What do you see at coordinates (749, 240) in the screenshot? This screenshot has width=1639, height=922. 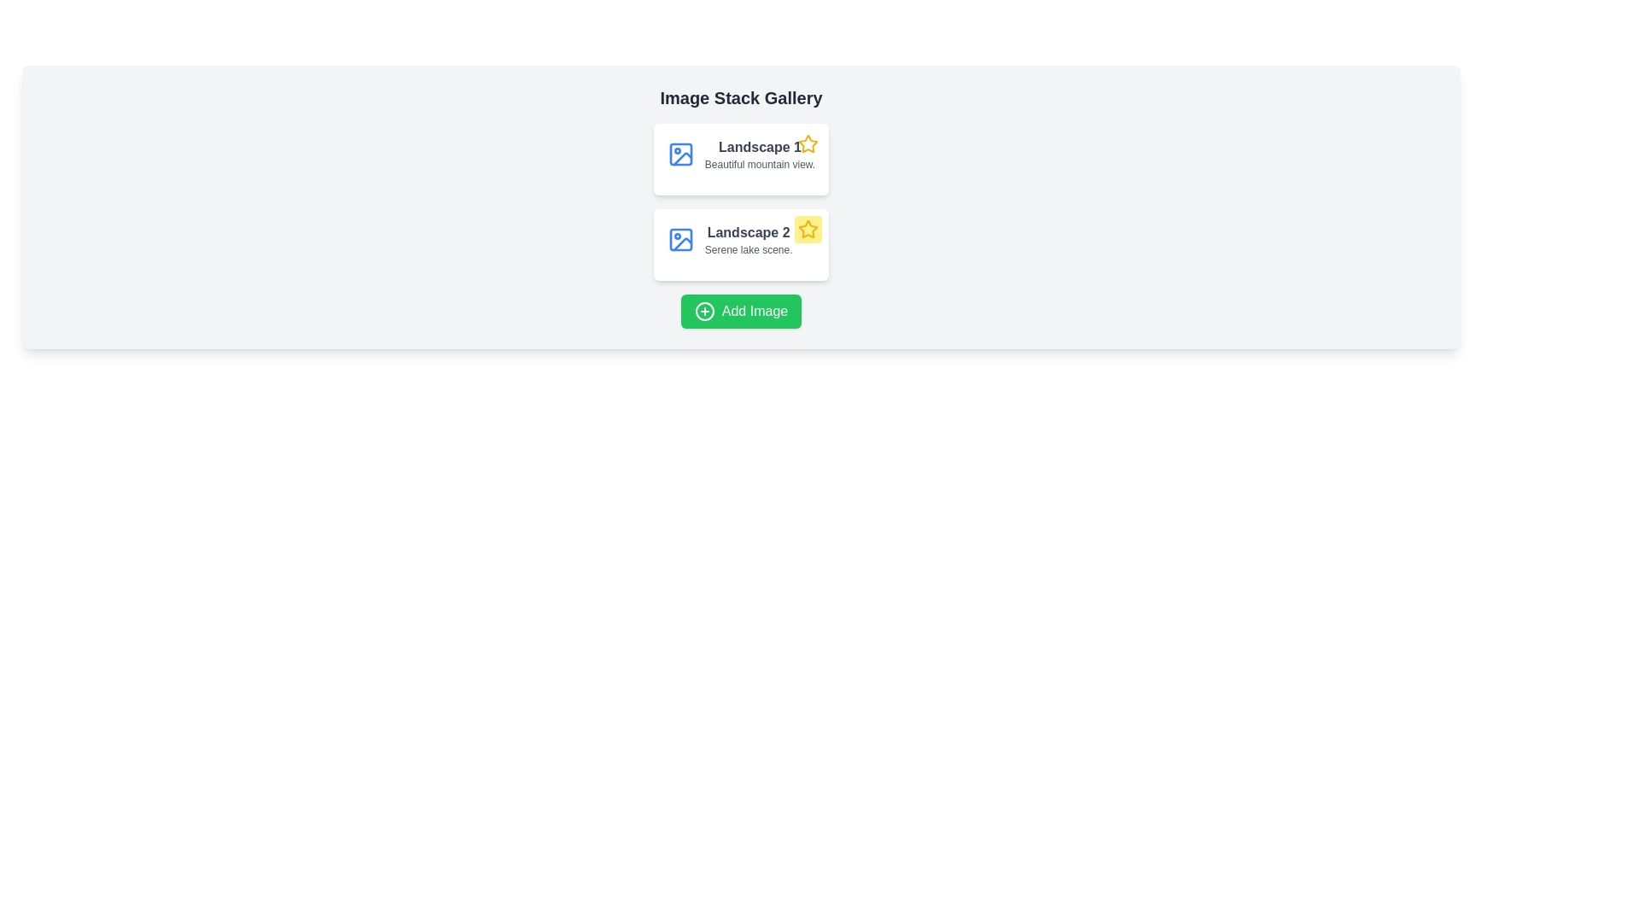 I see `textual informative block that contains the title 'Landscape 2' and description 'Serene lake scene.' This block is the second item in a vertical stack within the 'Image Stack Gallery' section, positioned centrally with a blue landscape icon to its left and a yellow star icon to its right` at bounding box center [749, 240].